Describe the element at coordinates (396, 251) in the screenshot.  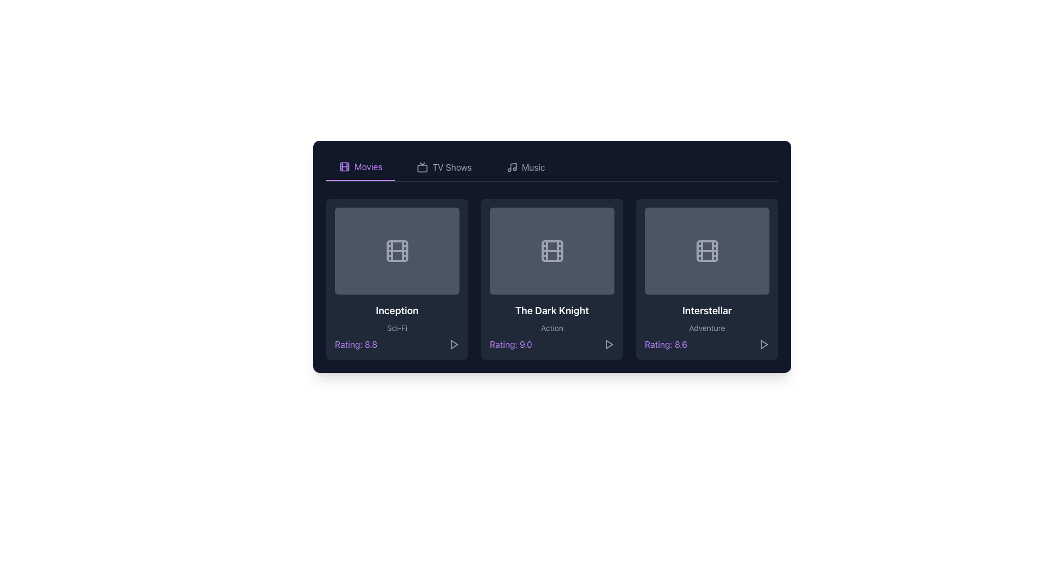
I see `film reel icon located in the first card labeled 'Inception', which is a rectangular frame with rounded corners styled in a dark tone` at that location.